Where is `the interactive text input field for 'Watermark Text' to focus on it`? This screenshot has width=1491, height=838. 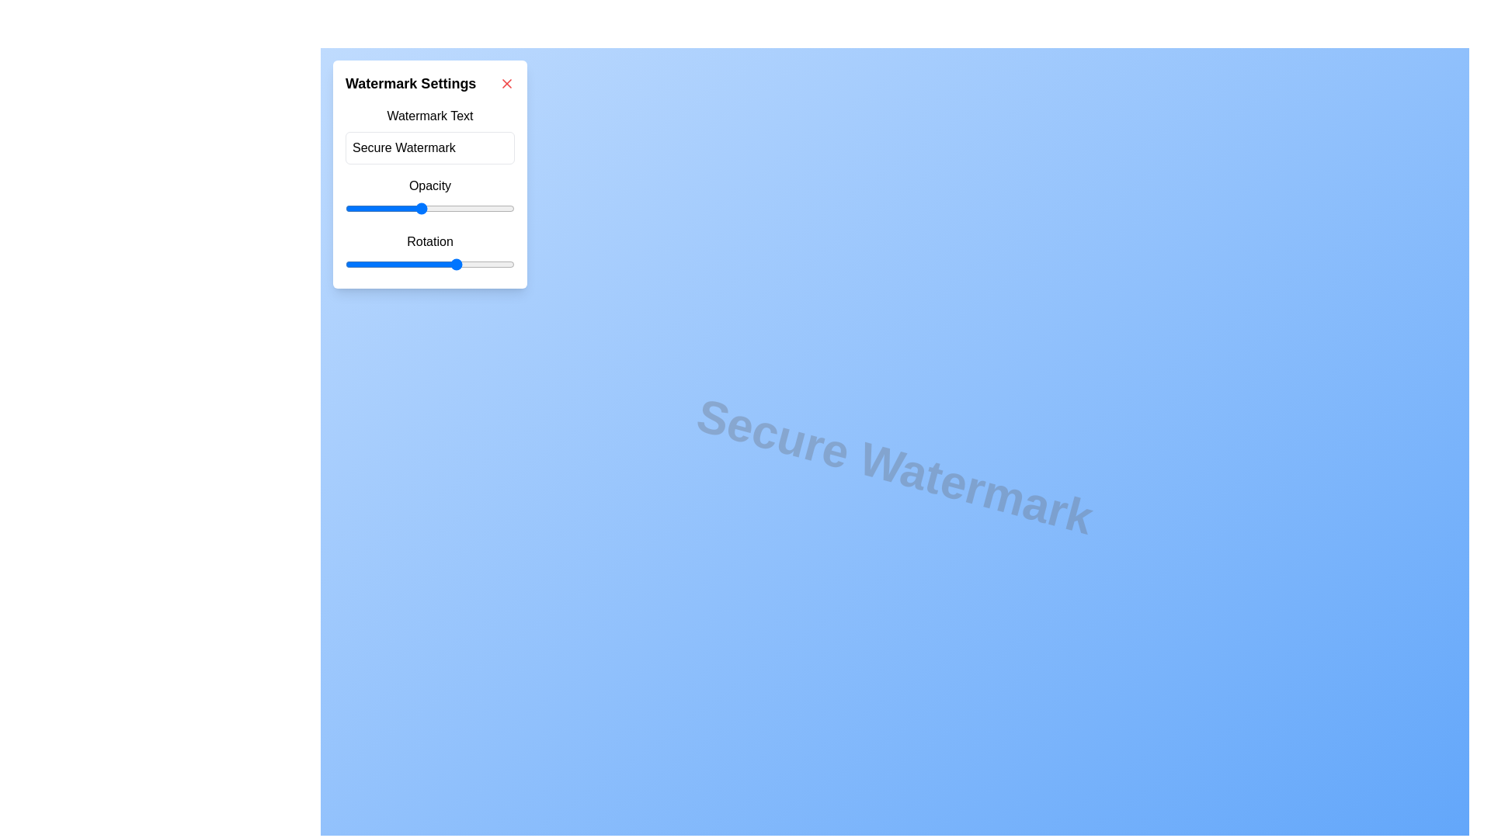 the interactive text input field for 'Watermark Text' to focus on it is located at coordinates (429, 148).